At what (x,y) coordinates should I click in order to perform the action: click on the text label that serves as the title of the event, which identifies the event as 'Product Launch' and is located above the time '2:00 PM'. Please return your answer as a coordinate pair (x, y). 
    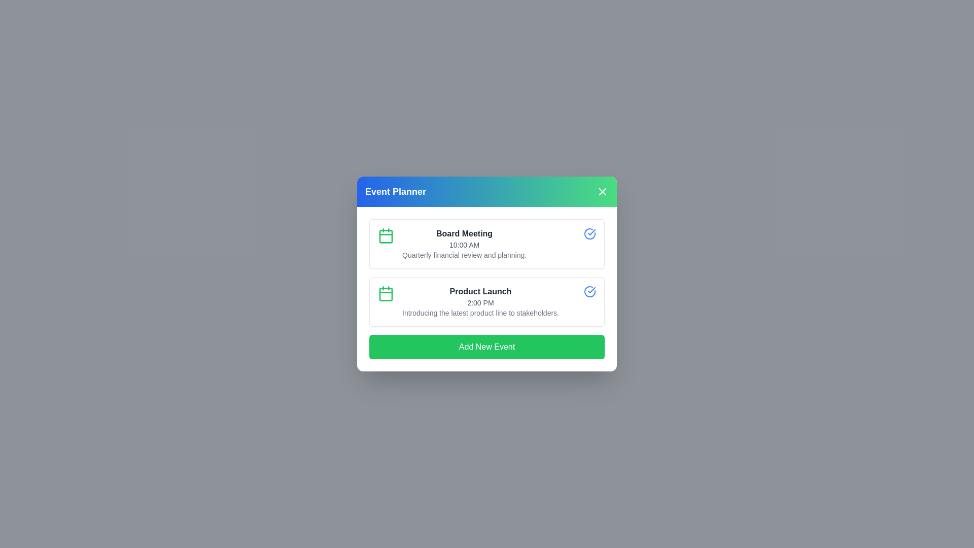
    Looking at the image, I should click on (480, 291).